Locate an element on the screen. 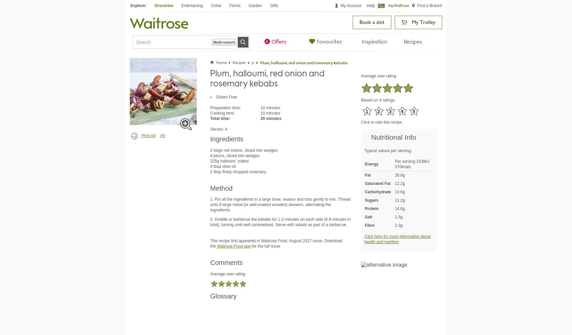 Image resolution: width=572 pixels, height=335 pixels. 'This recipe first appeared in Waitrose Food, August 2017 issue. Download the' is located at coordinates (276, 243).